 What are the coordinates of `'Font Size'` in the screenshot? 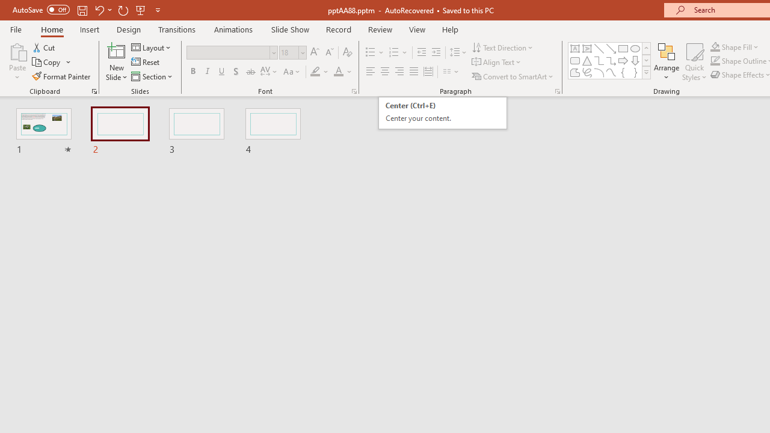 It's located at (289, 52).